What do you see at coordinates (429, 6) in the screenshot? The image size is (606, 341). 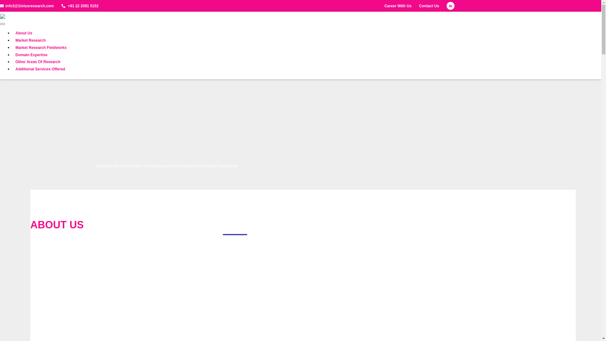 I see `'Contact Us'` at bounding box center [429, 6].